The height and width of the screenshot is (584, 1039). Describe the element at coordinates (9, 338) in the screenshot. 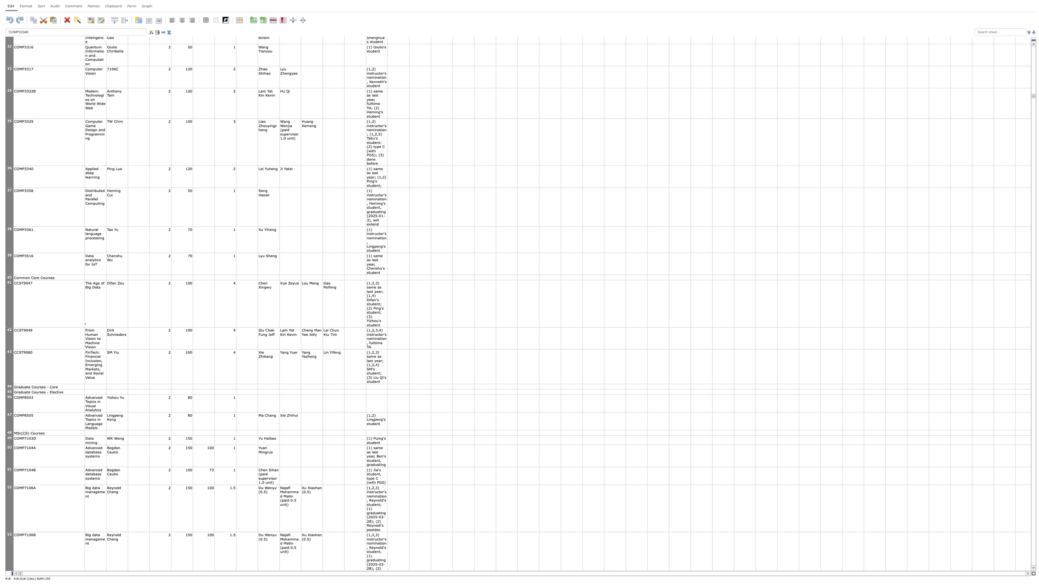

I see `row 42` at that location.